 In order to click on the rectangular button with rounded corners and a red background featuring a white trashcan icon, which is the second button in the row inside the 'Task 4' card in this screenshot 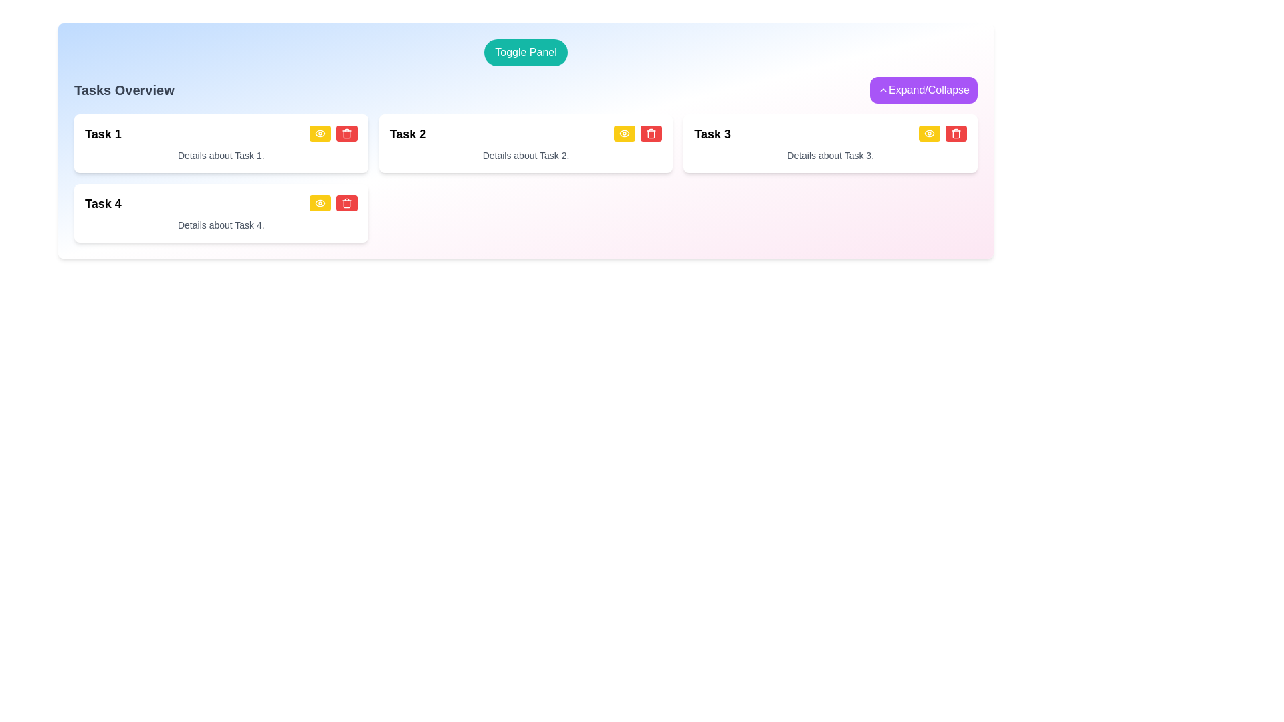, I will do `click(346, 203)`.